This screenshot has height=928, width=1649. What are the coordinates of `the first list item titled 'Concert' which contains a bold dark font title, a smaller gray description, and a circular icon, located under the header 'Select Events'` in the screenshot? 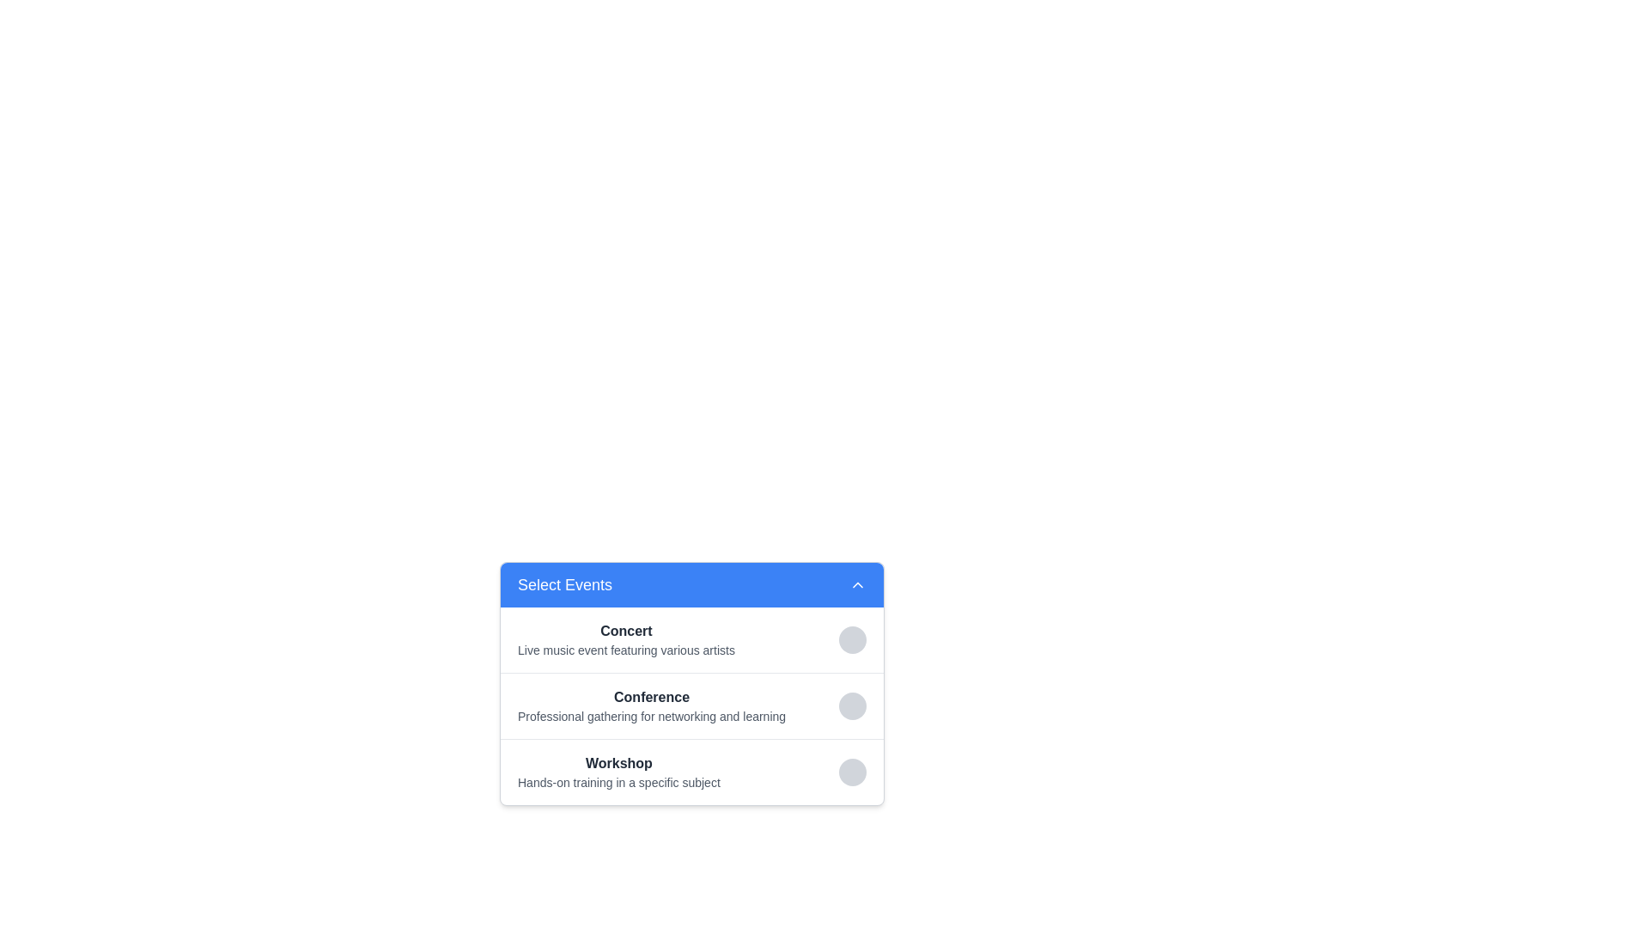 It's located at (692, 639).